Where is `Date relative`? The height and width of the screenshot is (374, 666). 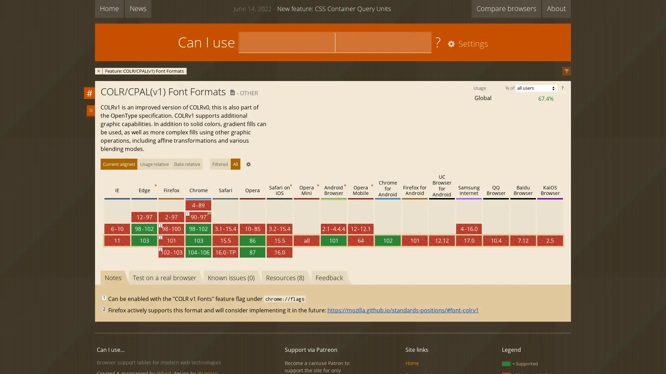 Date relative is located at coordinates (187, 164).